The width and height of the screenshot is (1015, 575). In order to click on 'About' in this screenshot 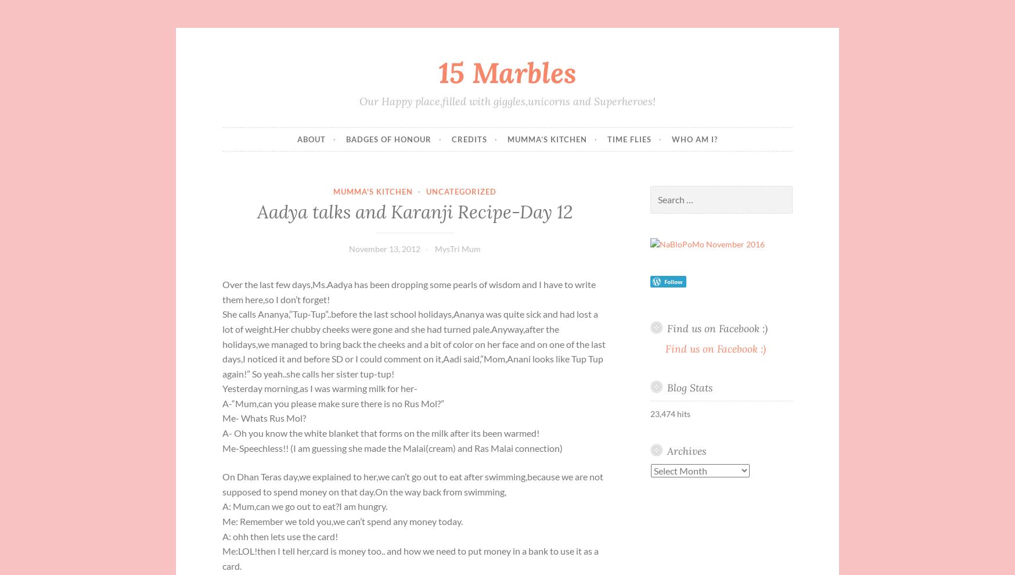, I will do `click(311, 138)`.